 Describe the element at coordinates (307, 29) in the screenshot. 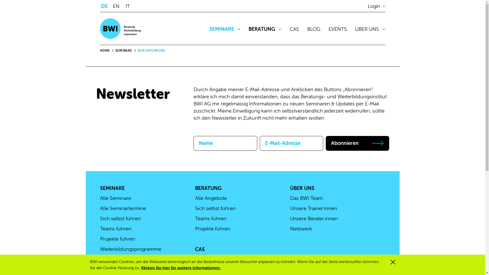

I see `'BLOG'` at that location.